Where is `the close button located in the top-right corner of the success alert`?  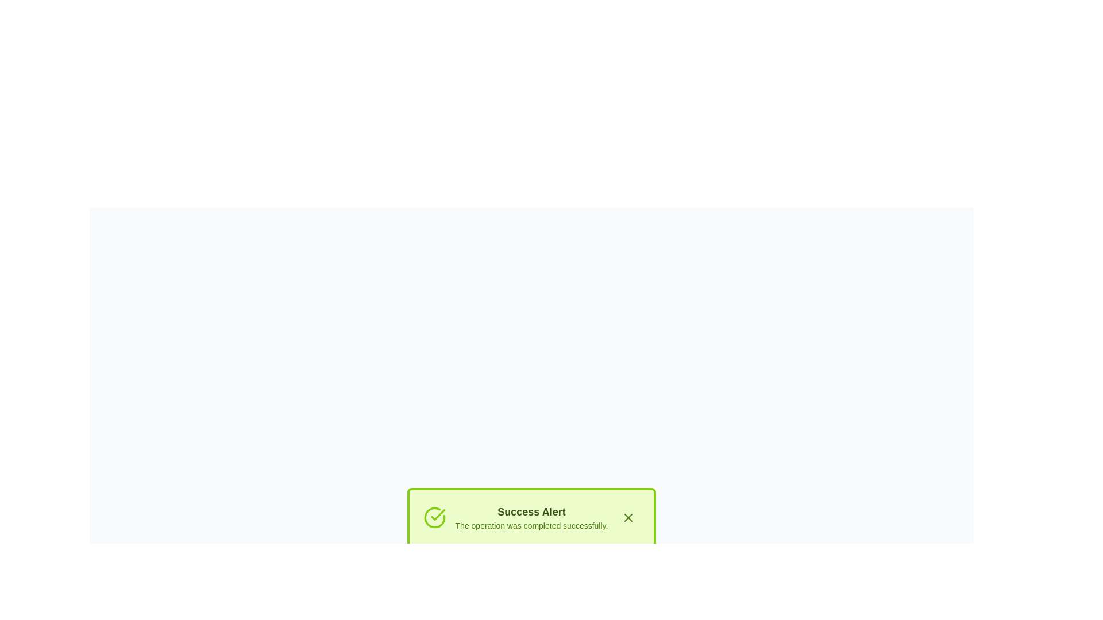
the close button located in the top-right corner of the success alert is located at coordinates (628, 518).